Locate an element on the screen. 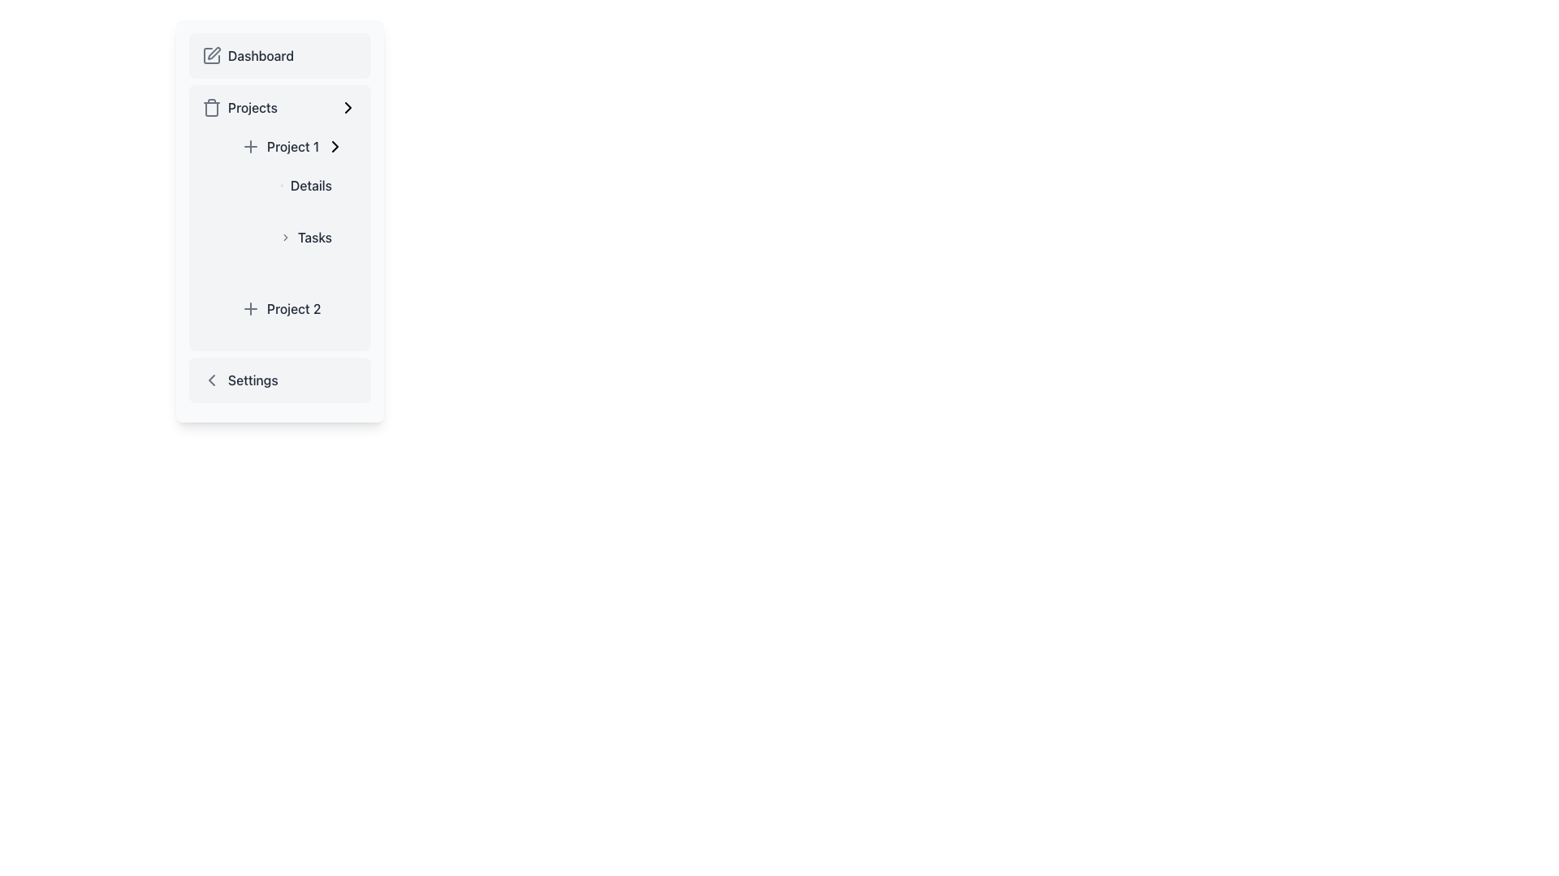 The width and height of the screenshot is (1559, 876). the navigation label in the top-left section of the interface is located at coordinates (261, 55).